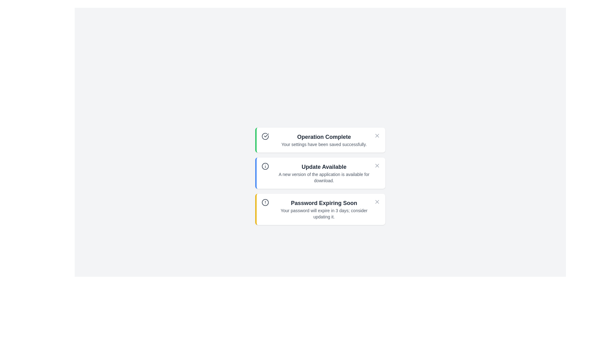  What do you see at coordinates (377, 135) in the screenshot?
I see `the dismiss button, which is an 'X' icon located at the top-right corner of the notification card stating 'Operation Complete'` at bounding box center [377, 135].